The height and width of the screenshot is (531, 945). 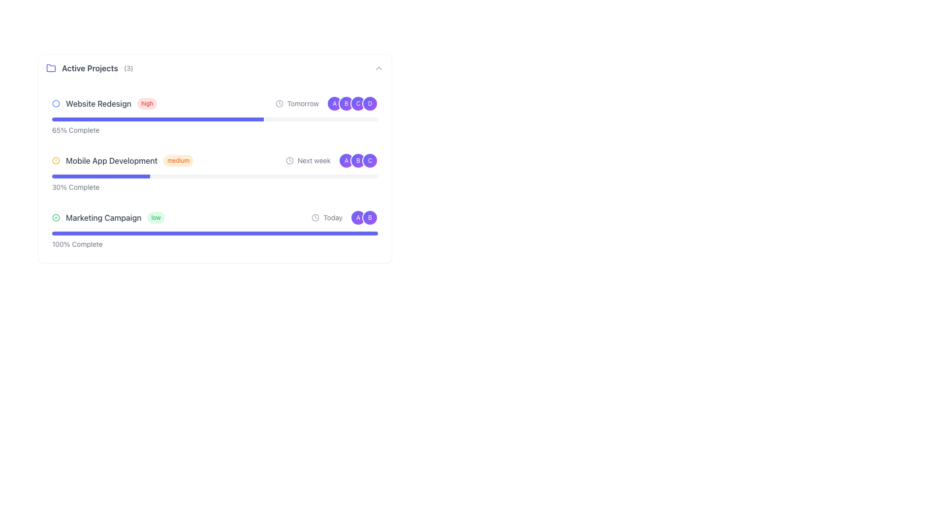 What do you see at coordinates (214, 176) in the screenshot?
I see `the second progress bar representing the 30% completion of the 'Mobile App Development' task` at bounding box center [214, 176].